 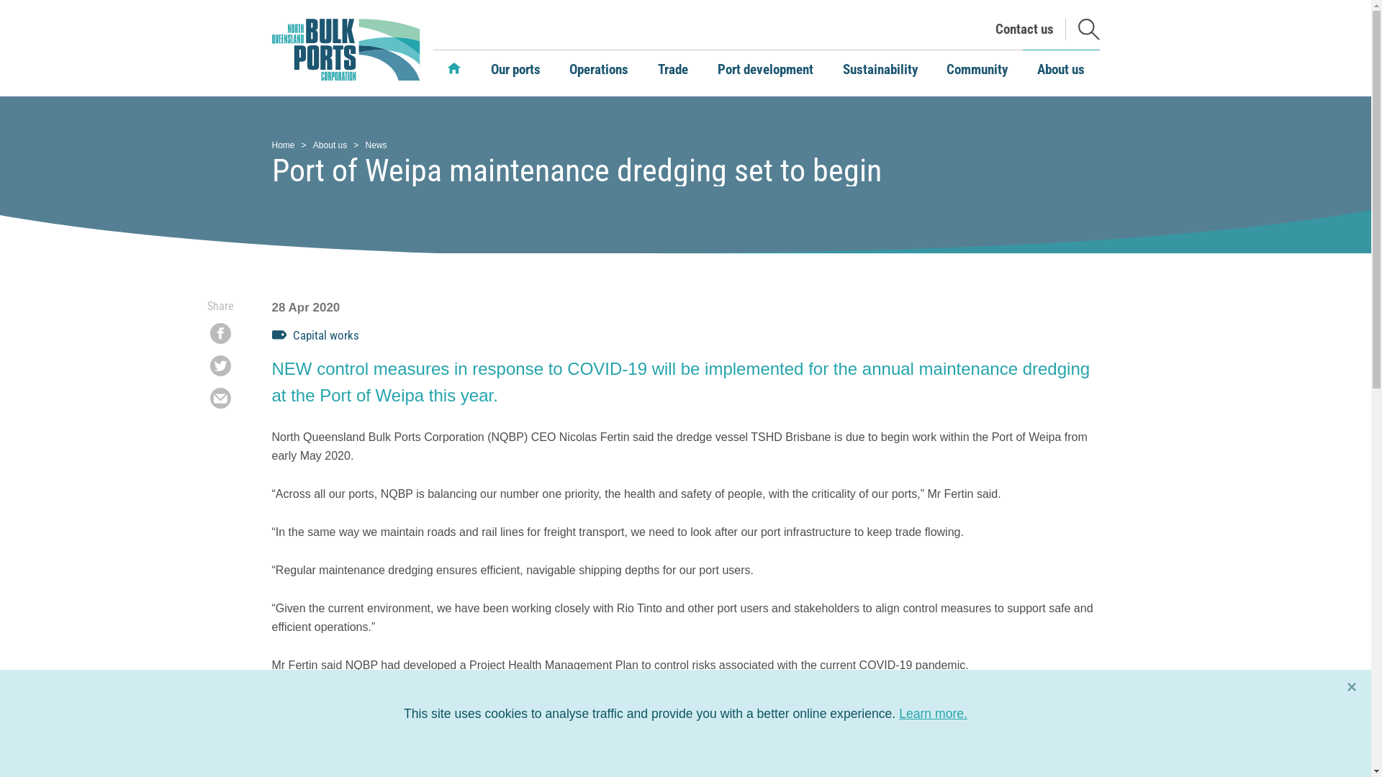 What do you see at coordinates (898, 713) in the screenshot?
I see `'Learn more.'` at bounding box center [898, 713].